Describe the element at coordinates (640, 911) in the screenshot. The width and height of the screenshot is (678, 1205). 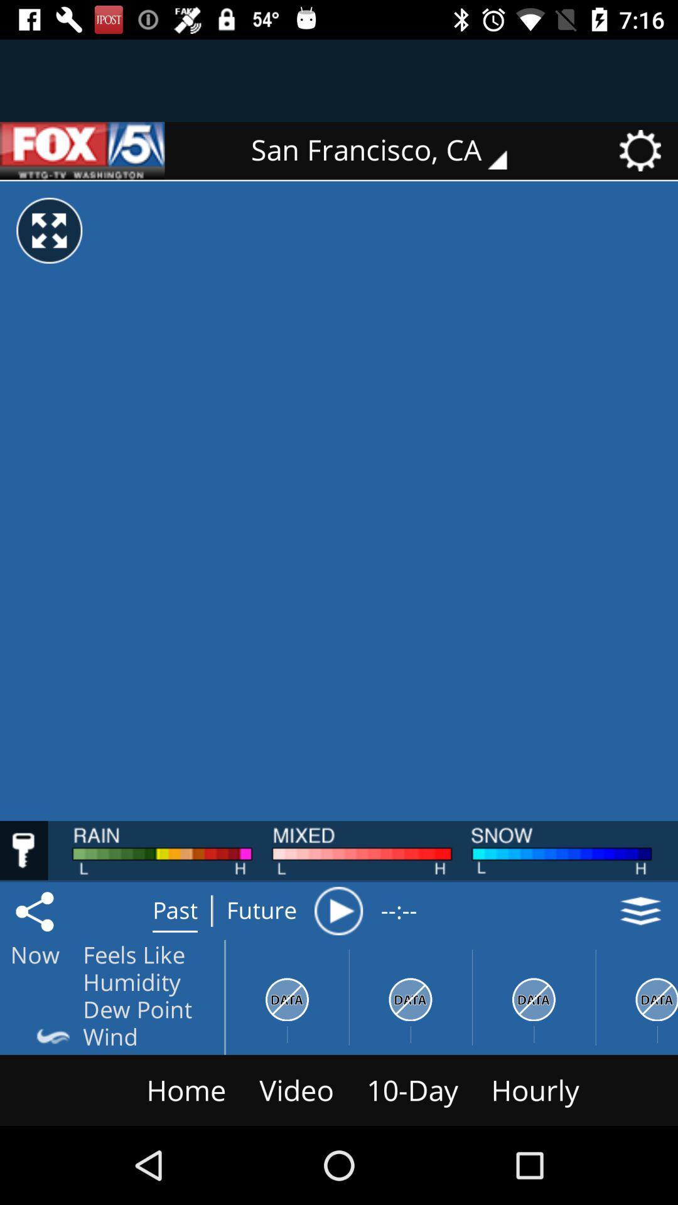
I see `the layers icon` at that location.